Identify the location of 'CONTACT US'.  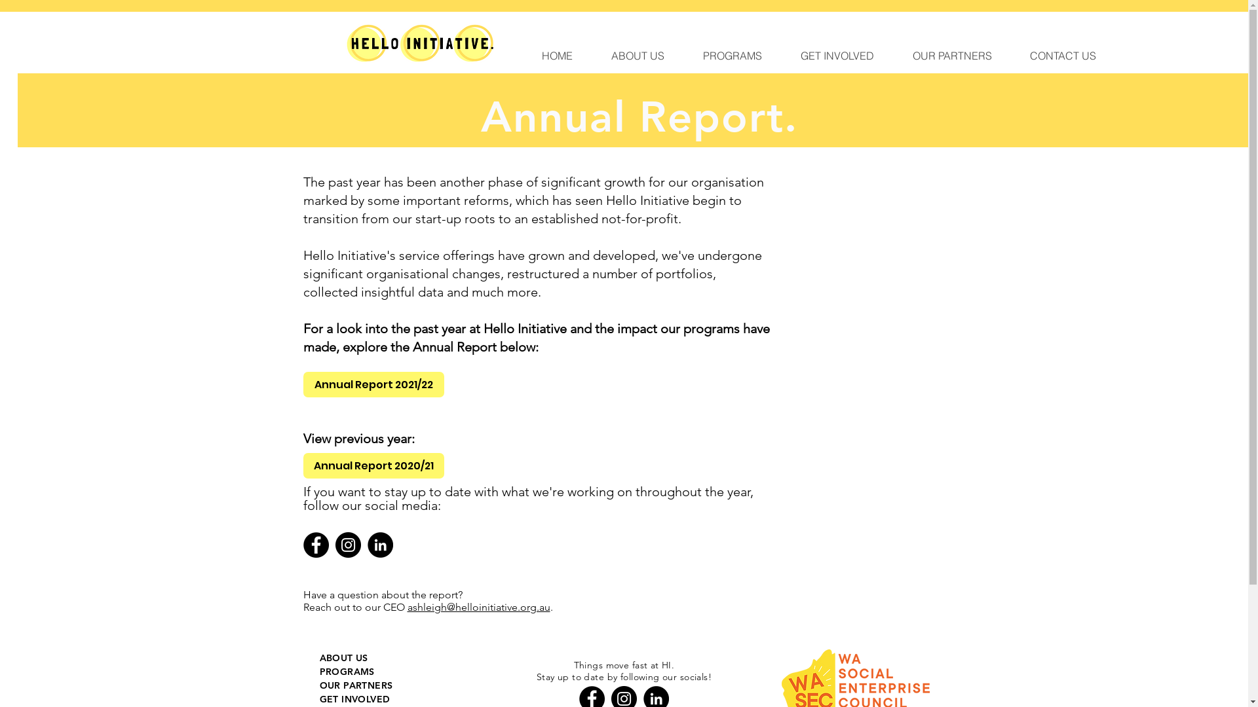
(1062, 54).